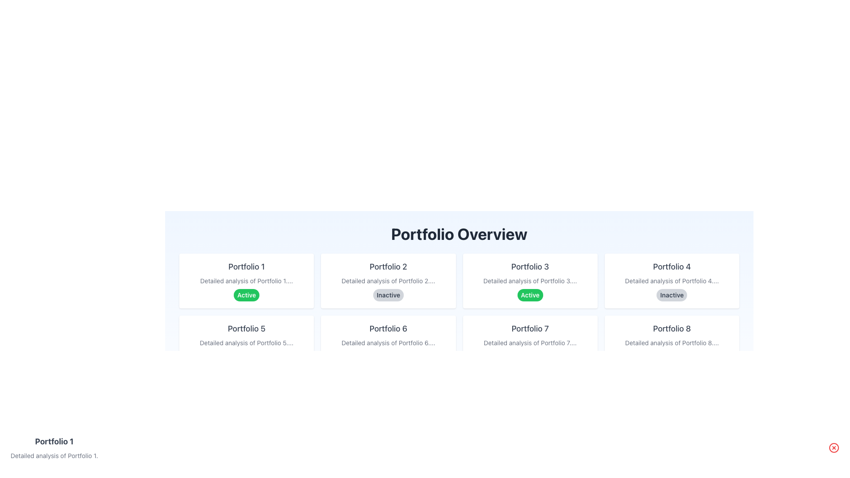 The width and height of the screenshot is (850, 478). I want to click on the portfolio Card component located in the second row, third column of the grid layout, so click(530, 343).